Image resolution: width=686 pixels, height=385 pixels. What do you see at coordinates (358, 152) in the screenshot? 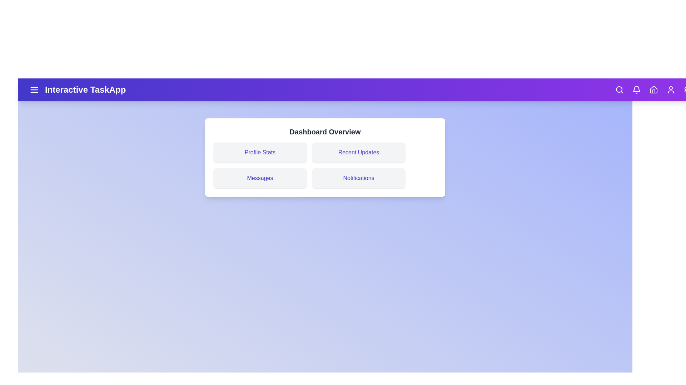
I see `the 'Recent Updates' section` at bounding box center [358, 152].